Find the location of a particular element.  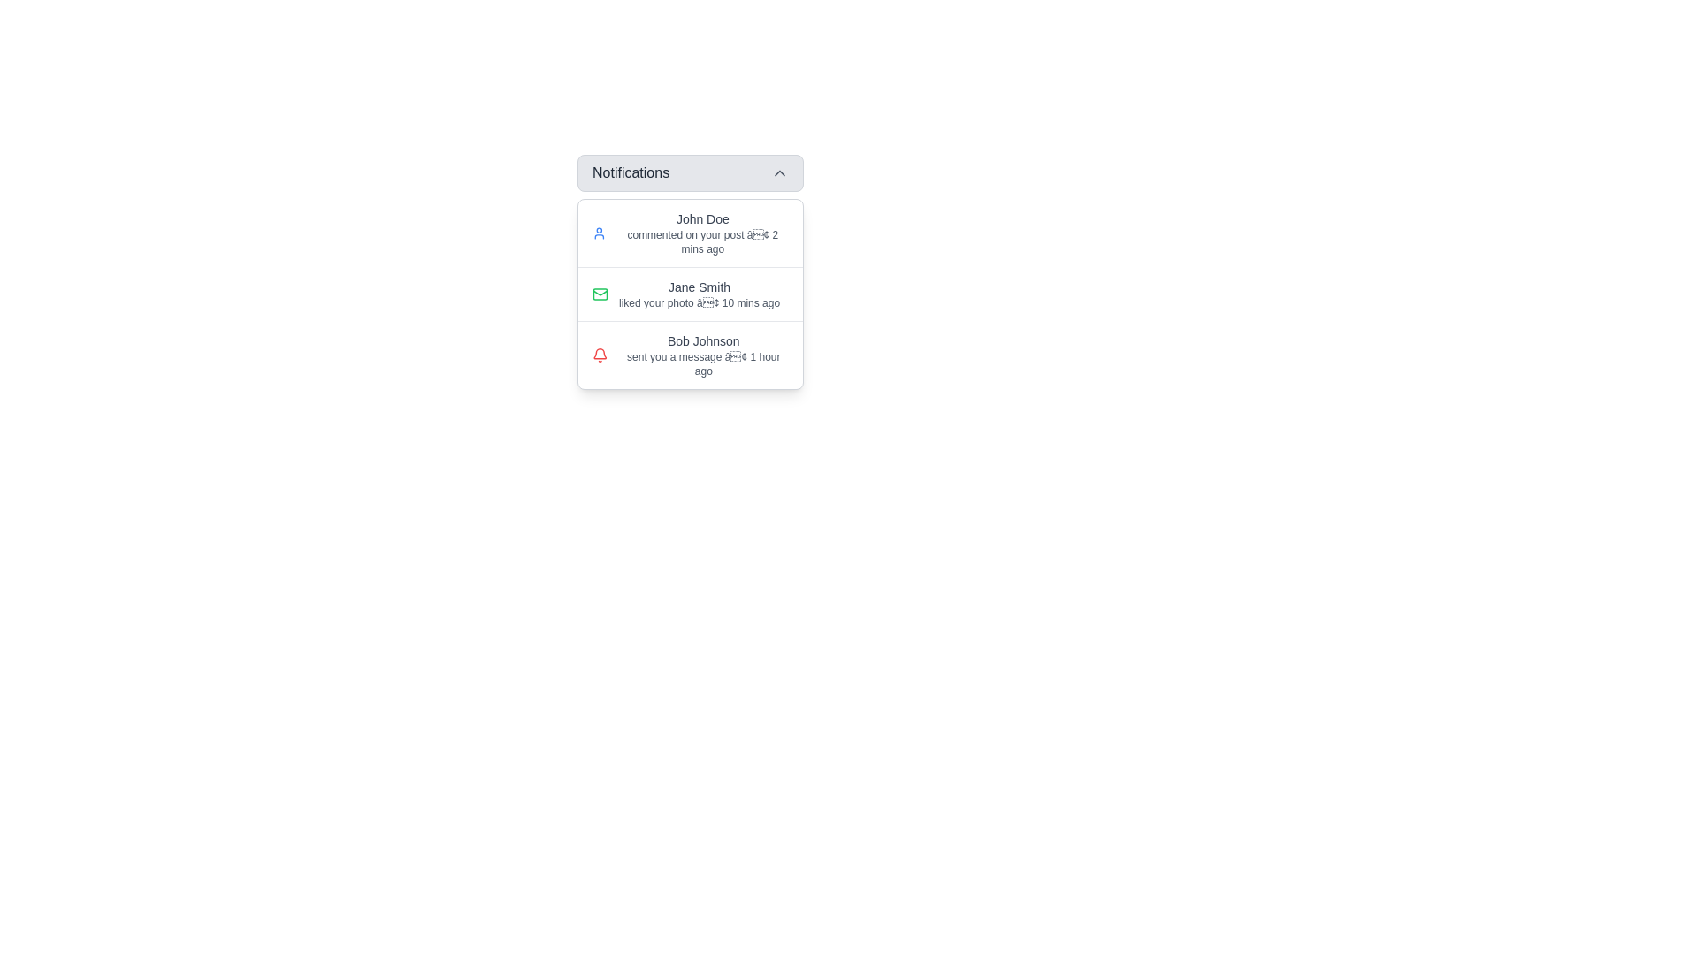

the text label indicating the sender 'Bob Johnson' in the bottom notification entry of the notification dropdown menu is located at coordinates (702, 340).